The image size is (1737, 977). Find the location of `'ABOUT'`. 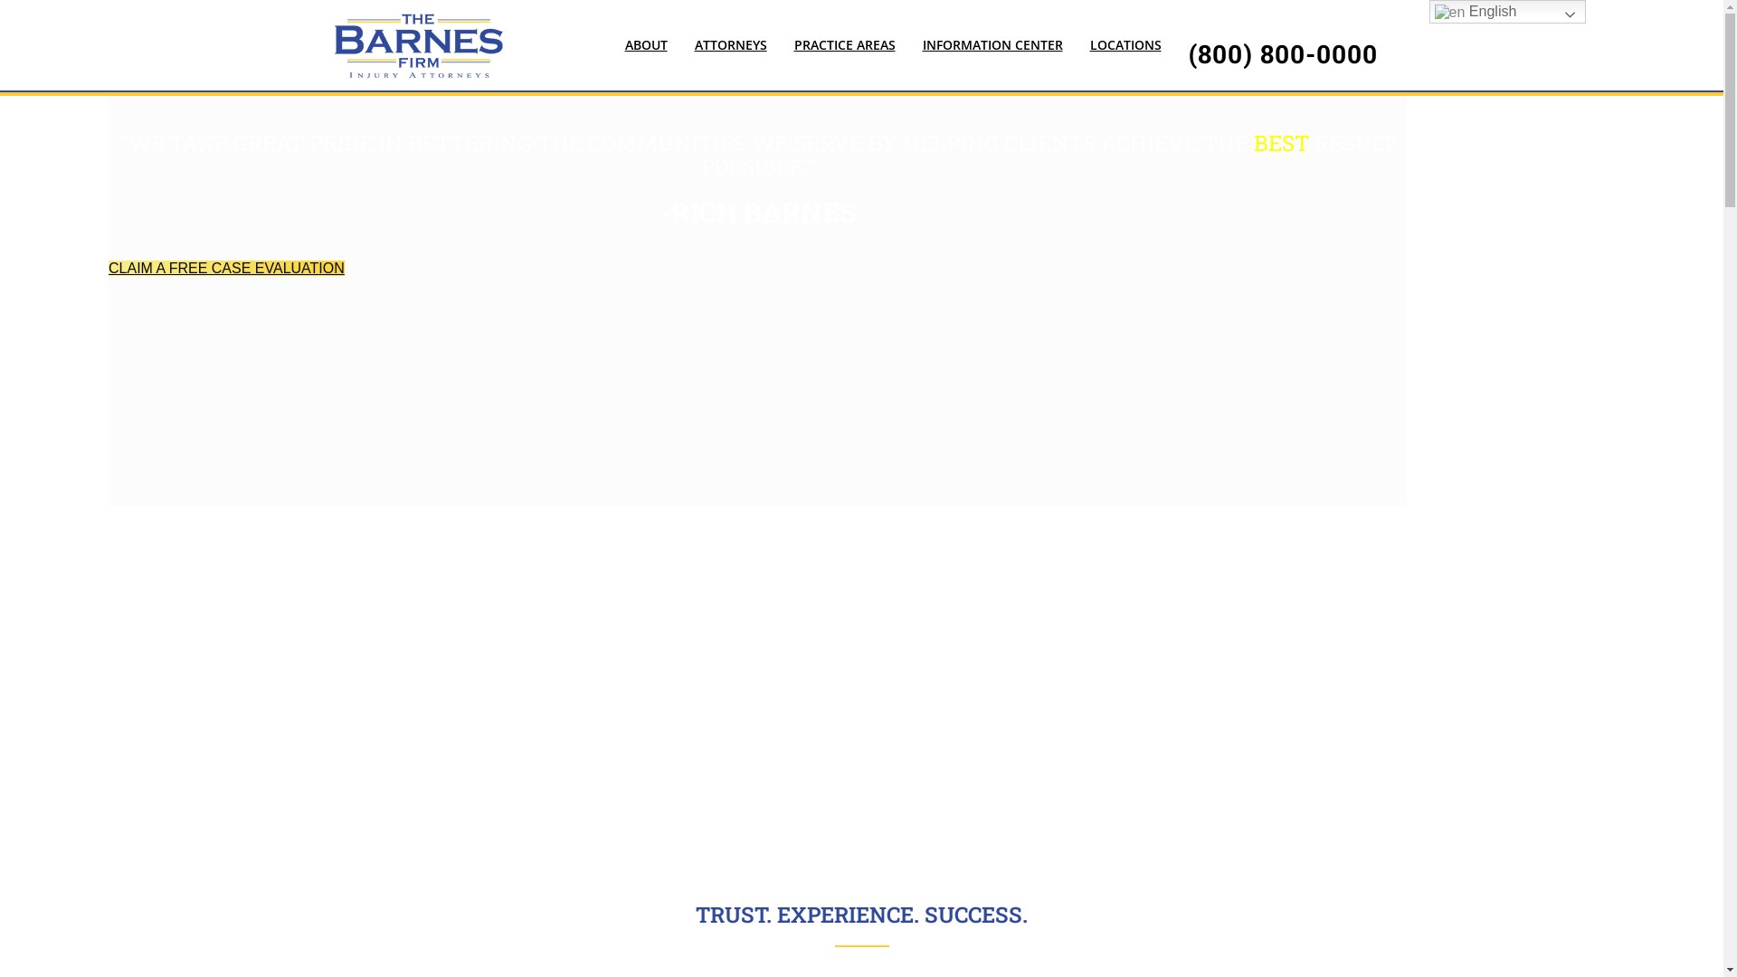

'ABOUT' is located at coordinates (612, 43).